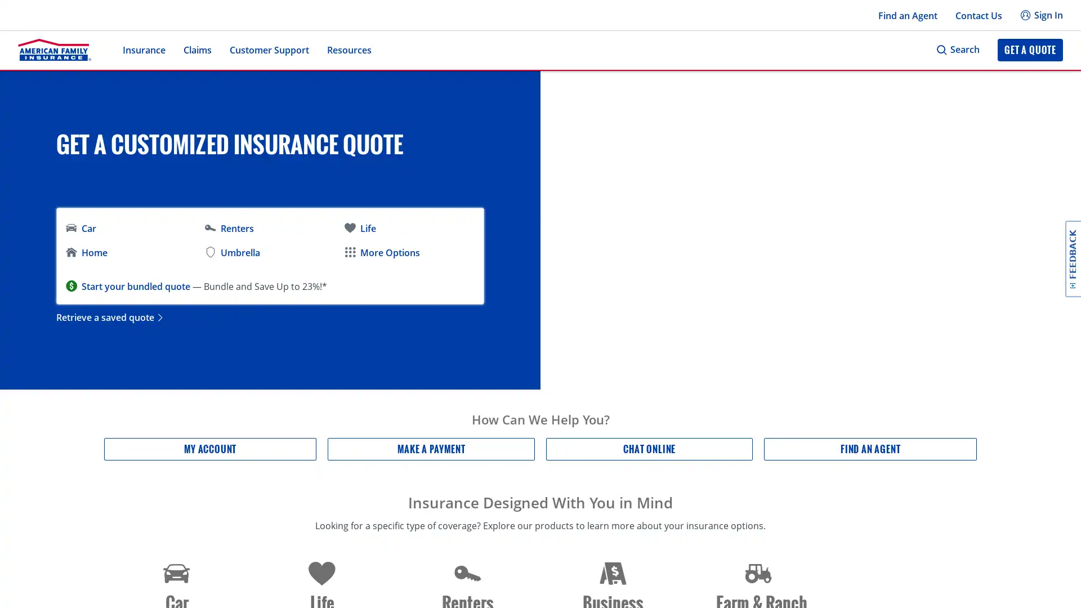  What do you see at coordinates (231, 252) in the screenshot?
I see `Umbrella` at bounding box center [231, 252].